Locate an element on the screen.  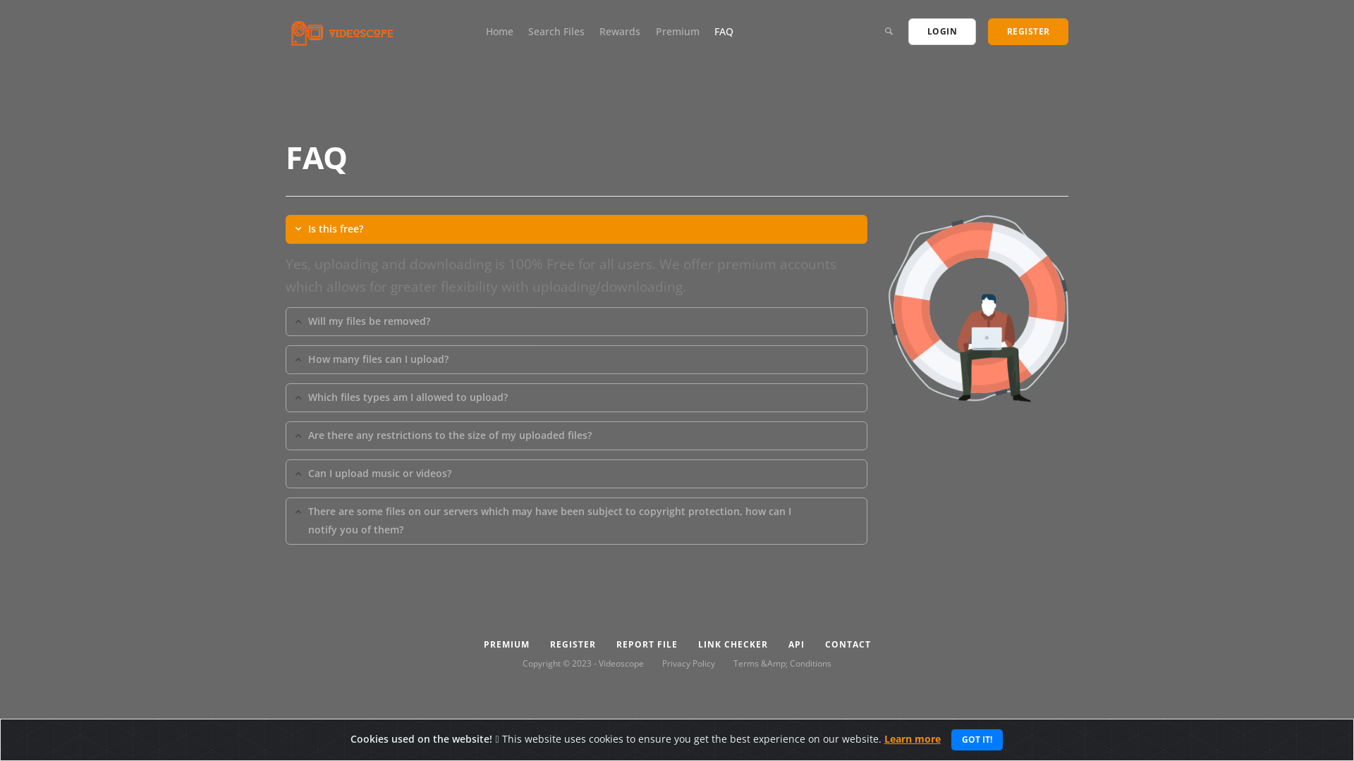
'REPORT FILE' is located at coordinates (645, 644).